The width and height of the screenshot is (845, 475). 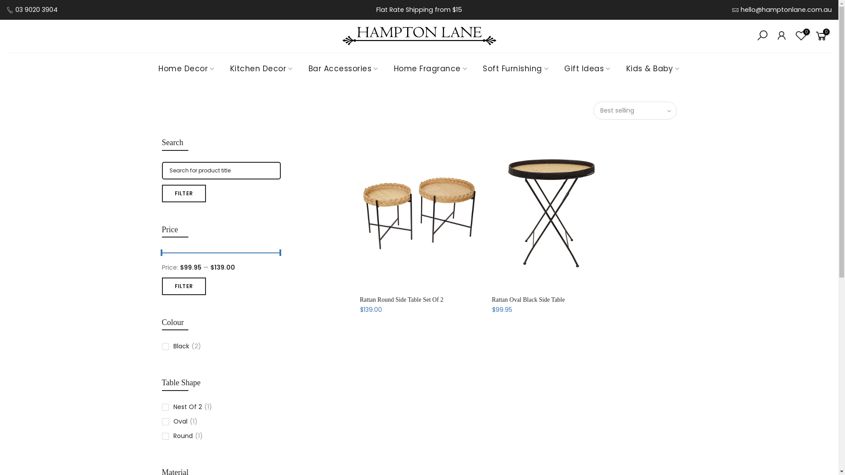 I want to click on 'Bar Accessories', so click(x=342, y=68).